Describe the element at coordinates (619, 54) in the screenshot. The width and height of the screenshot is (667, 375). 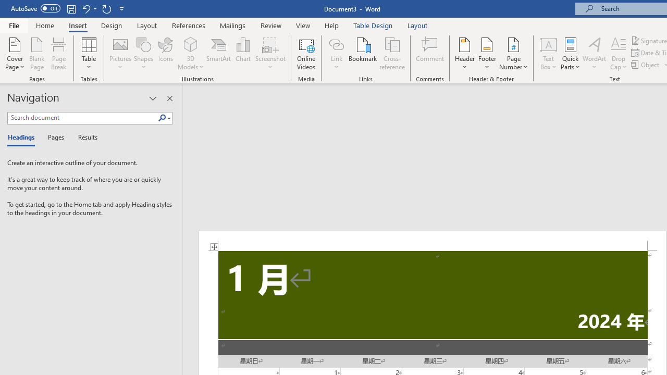
I see `'Drop Cap'` at that location.